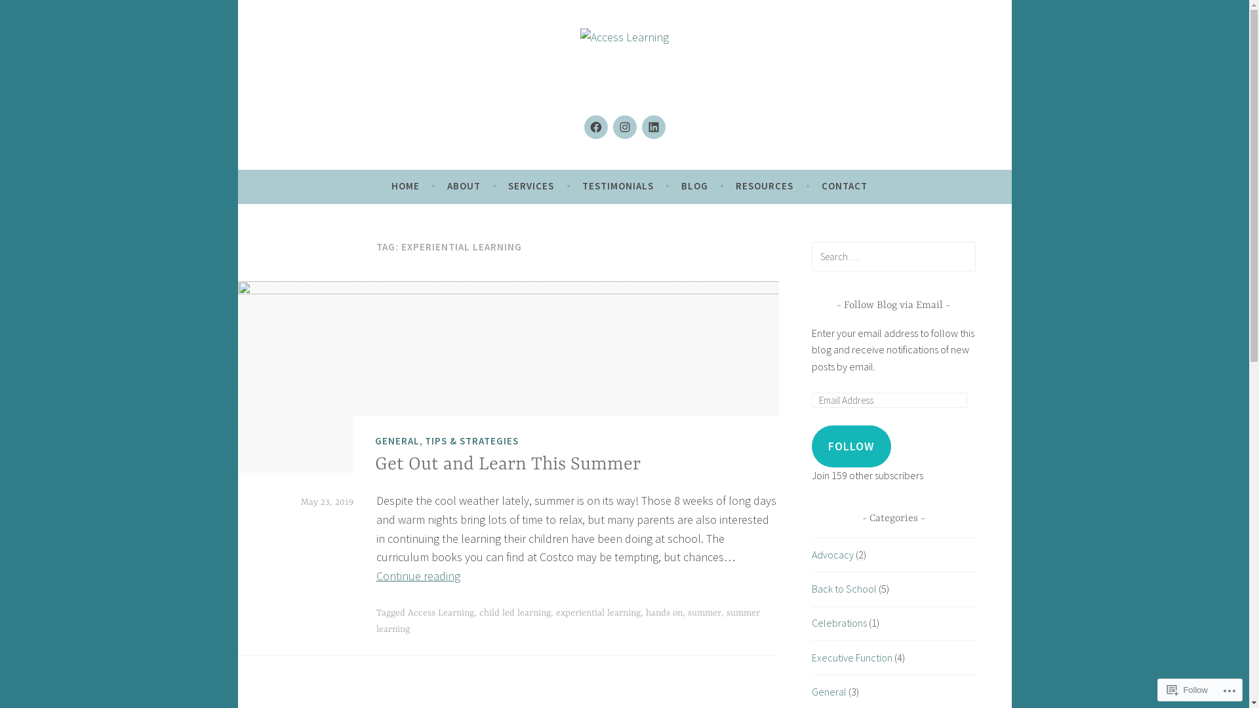 The height and width of the screenshot is (708, 1259). I want to click on 'May 23, 2019', so click(327, 501).